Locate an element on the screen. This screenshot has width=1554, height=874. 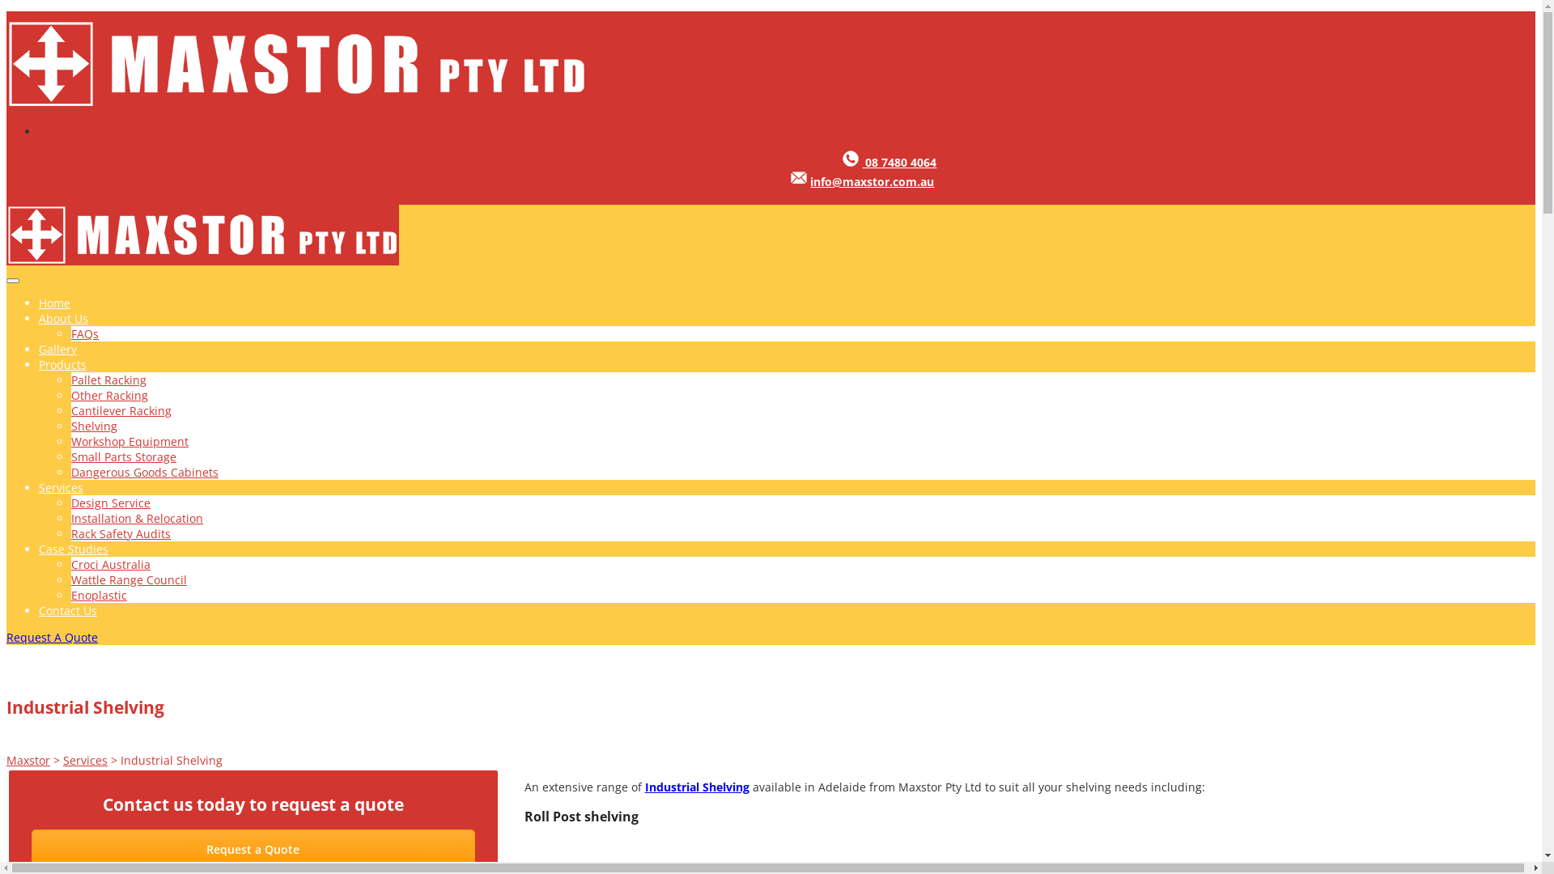
'Gallery' is located at coordinates (39, 348).